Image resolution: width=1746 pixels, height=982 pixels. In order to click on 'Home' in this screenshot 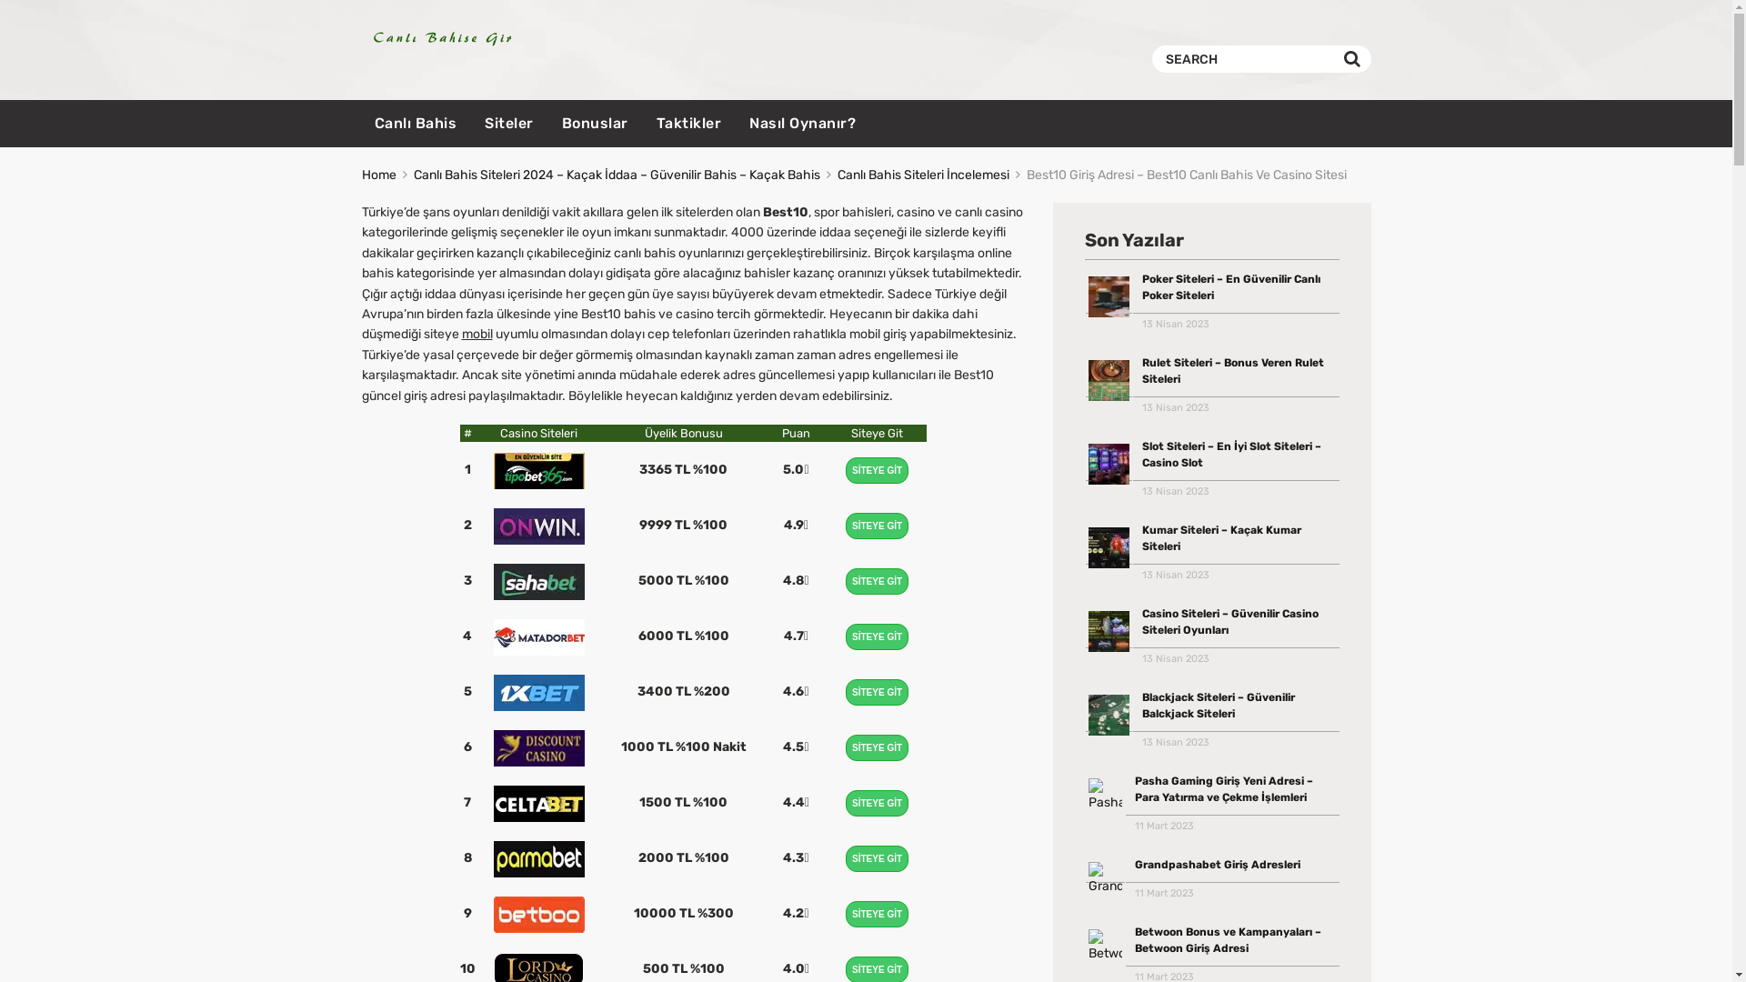, I will do `click(362, 175)`.